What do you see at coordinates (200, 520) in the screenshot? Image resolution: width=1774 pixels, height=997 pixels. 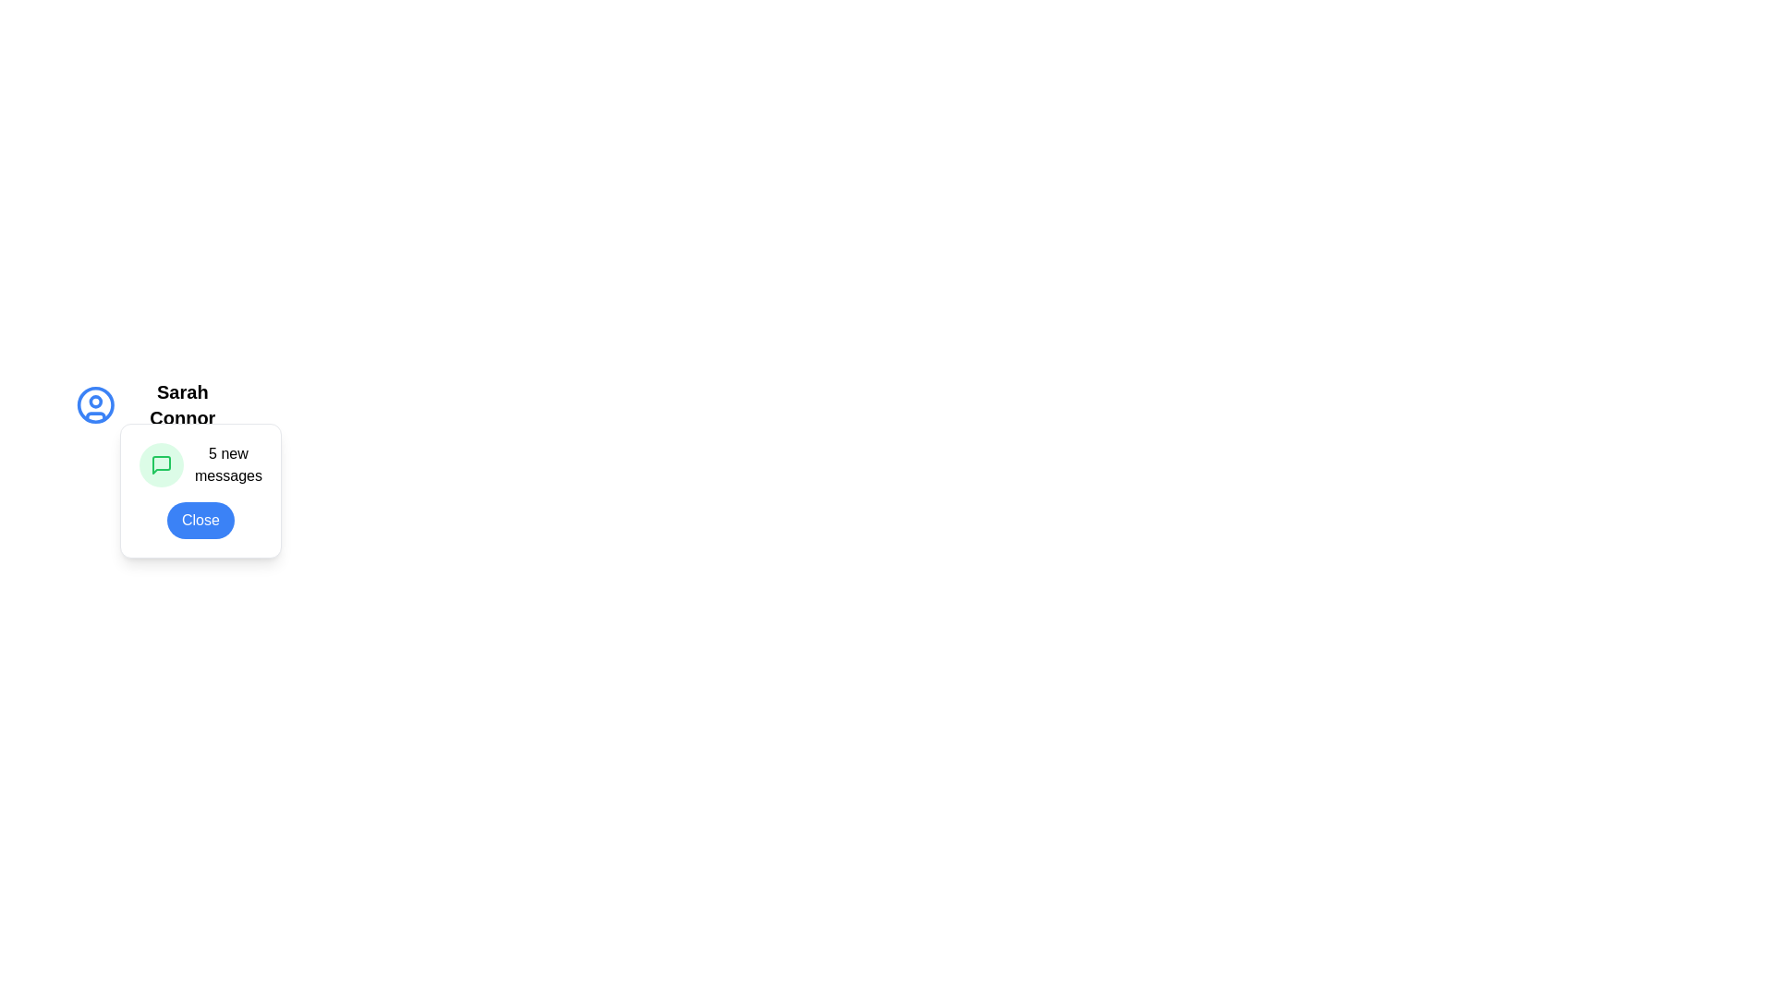 I see `the blue 'Close' button with white text` at bounding box center [200, 520].